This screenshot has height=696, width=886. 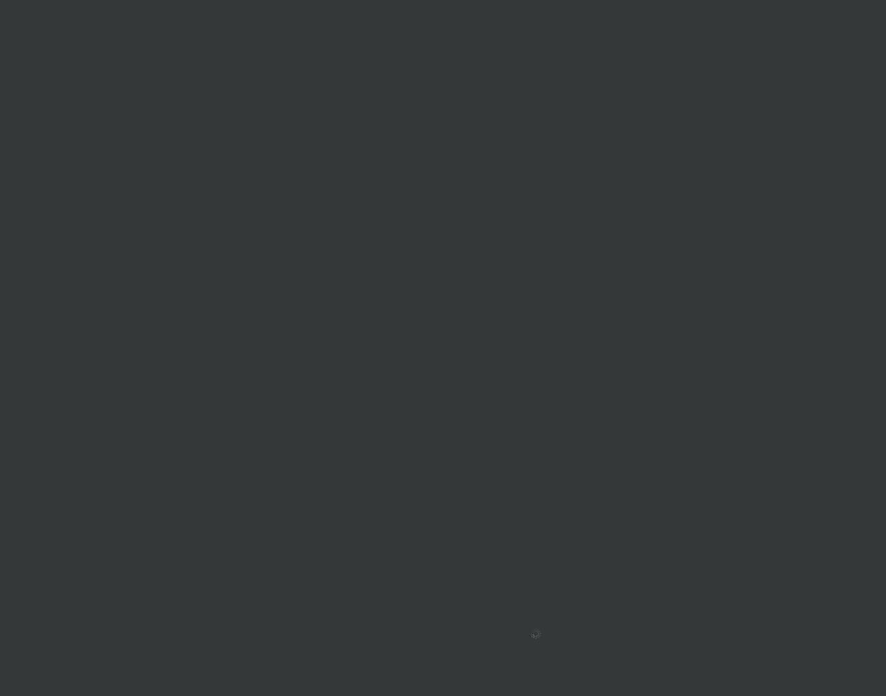 I want to click on 'holidays', so click(x=549, y=547).